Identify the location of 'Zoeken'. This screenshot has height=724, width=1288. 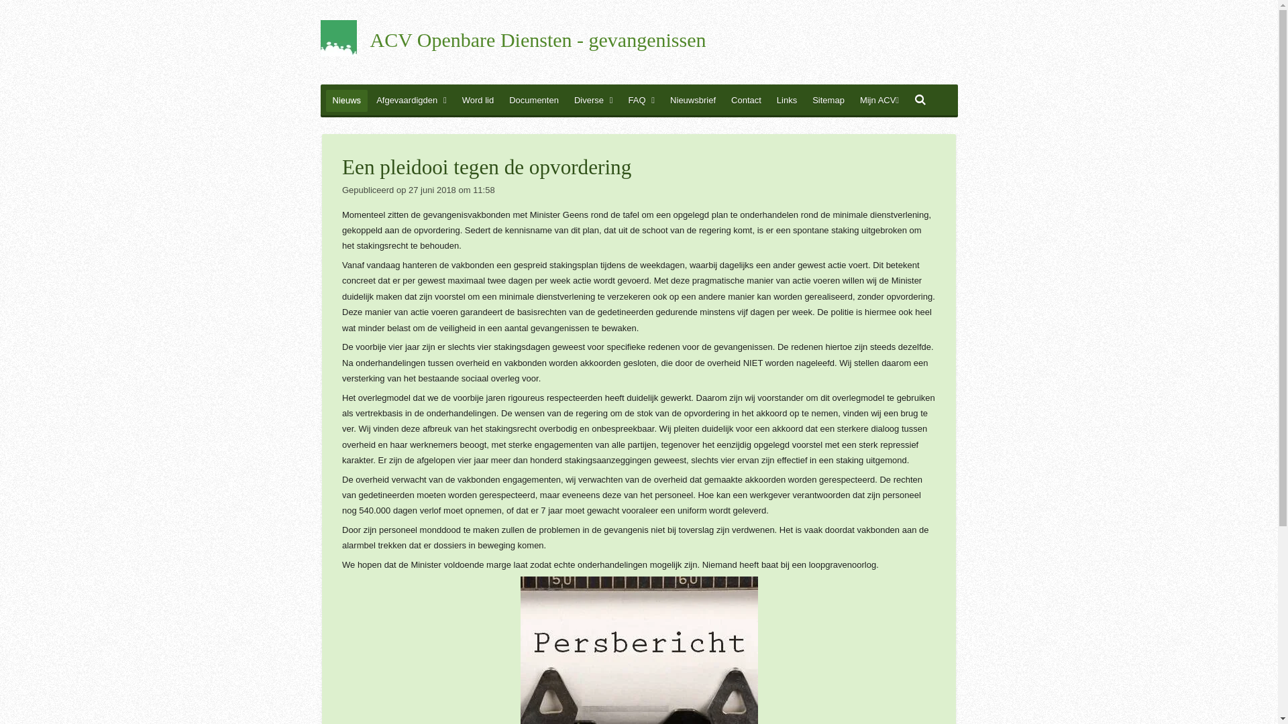
(920, 100).